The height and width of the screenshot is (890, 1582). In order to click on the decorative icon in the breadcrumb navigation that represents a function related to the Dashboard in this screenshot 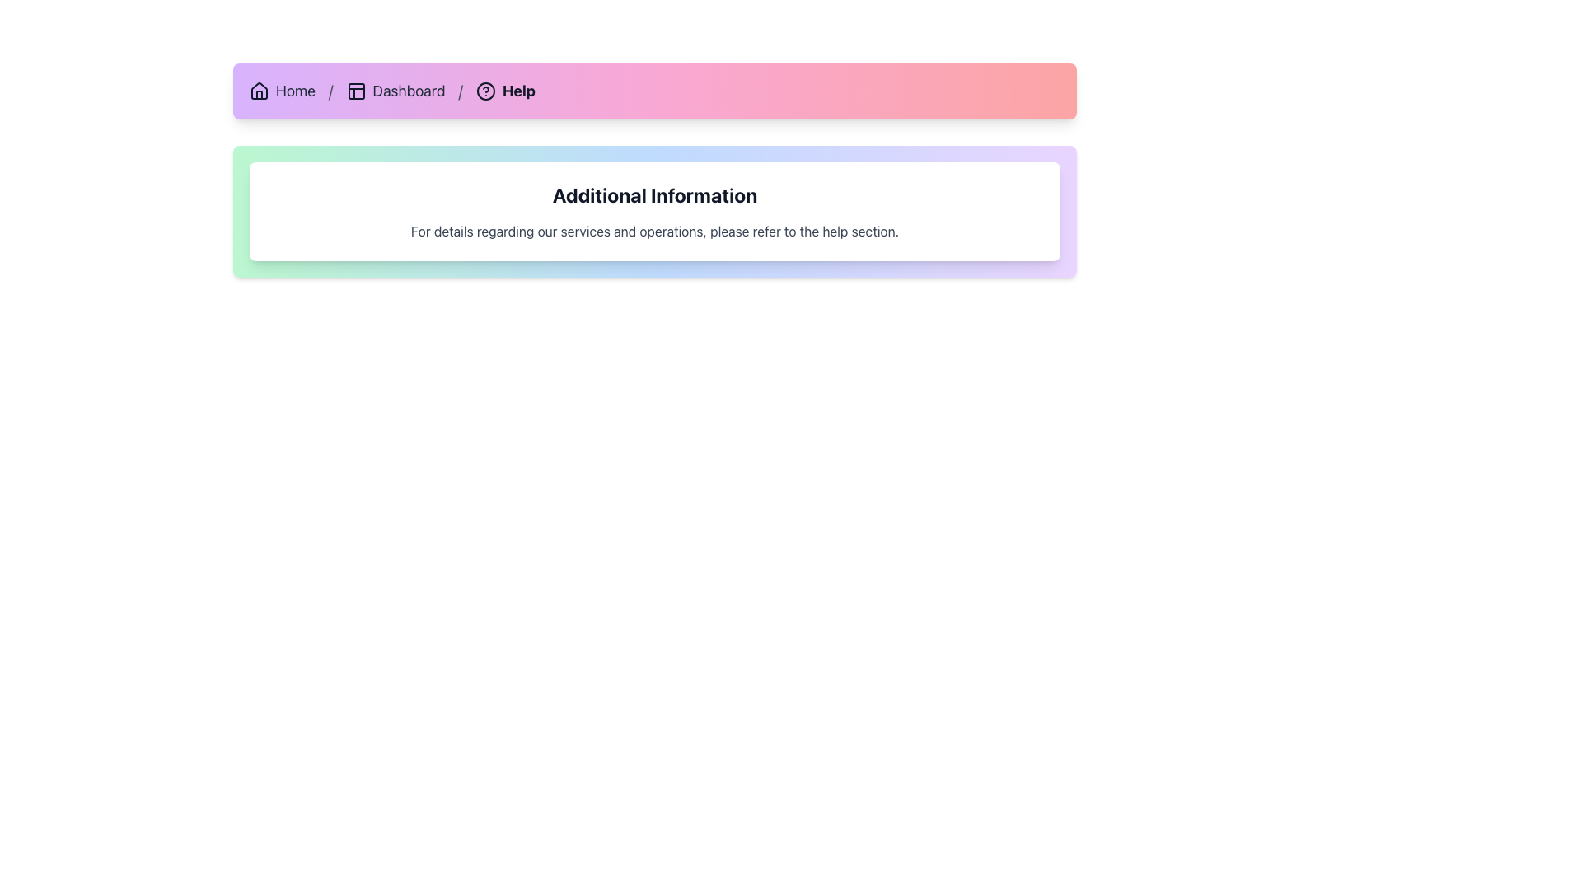, I will do `click(355, 91)`.